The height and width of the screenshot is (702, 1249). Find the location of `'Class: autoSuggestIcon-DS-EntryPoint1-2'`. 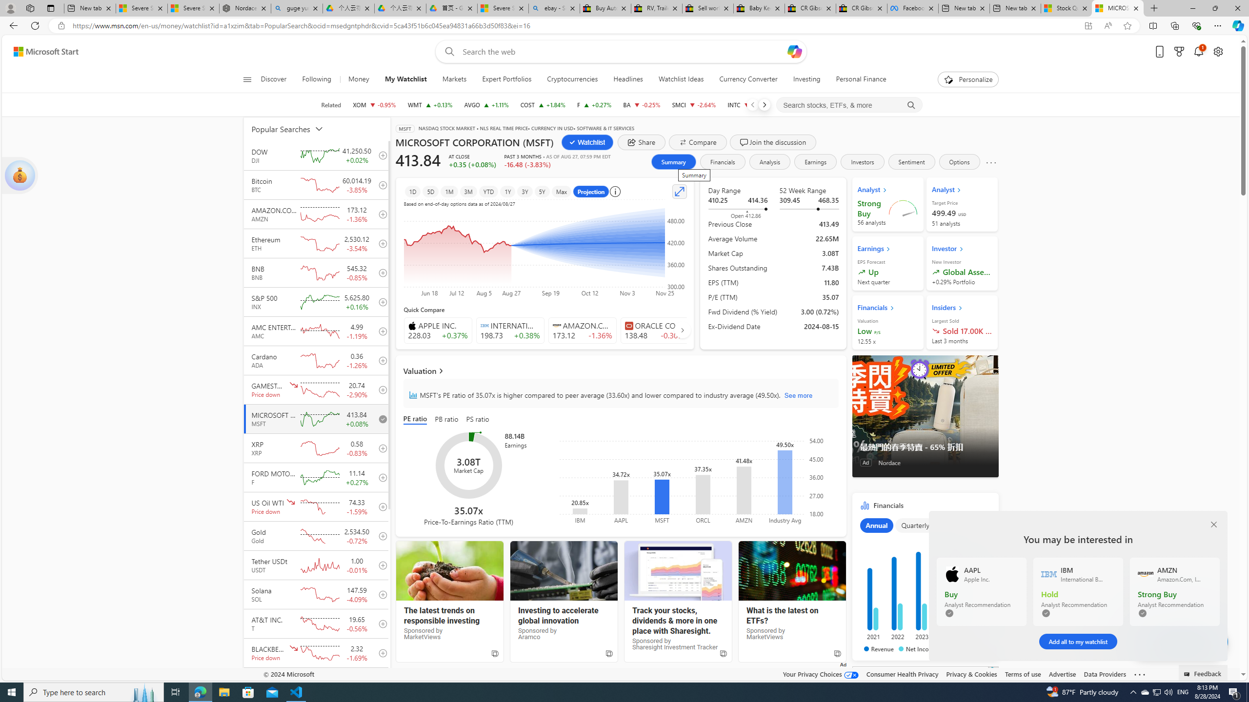

'Class: autoSuggestIcon-DS-EntryPoint1-2' is located at coordinates (628, 325).